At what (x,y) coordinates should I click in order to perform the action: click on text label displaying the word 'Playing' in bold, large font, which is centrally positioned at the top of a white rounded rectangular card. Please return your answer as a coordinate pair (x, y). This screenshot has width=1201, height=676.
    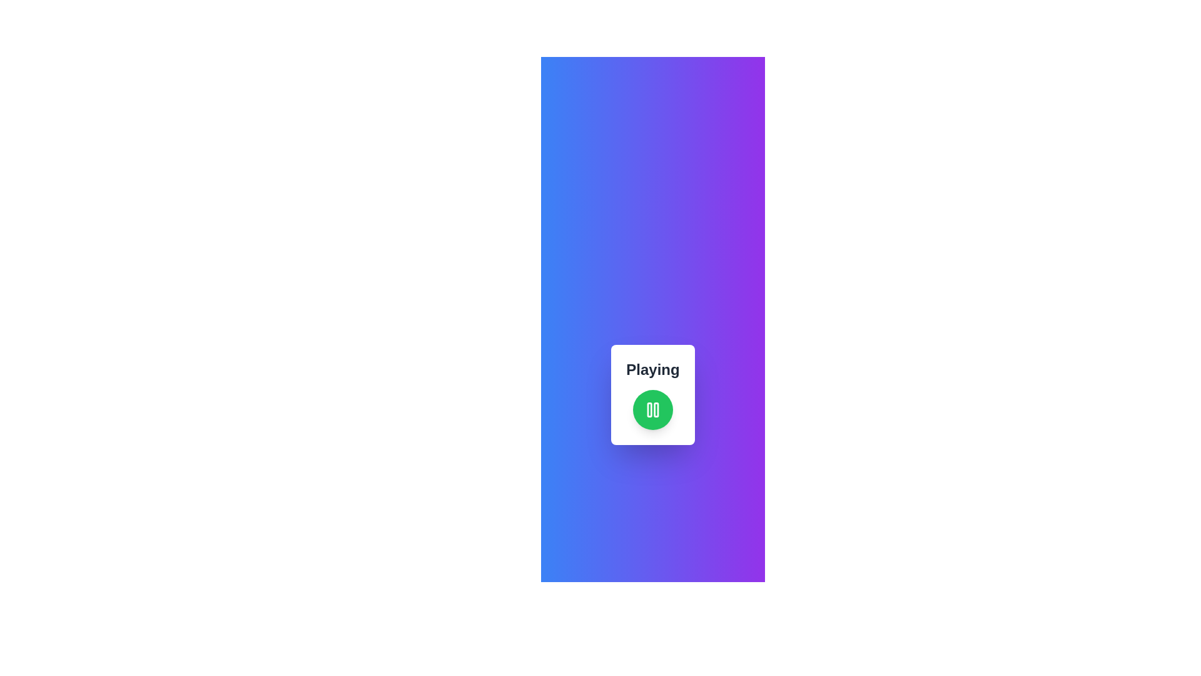
    Looking at the image, I should click on (652, 369).